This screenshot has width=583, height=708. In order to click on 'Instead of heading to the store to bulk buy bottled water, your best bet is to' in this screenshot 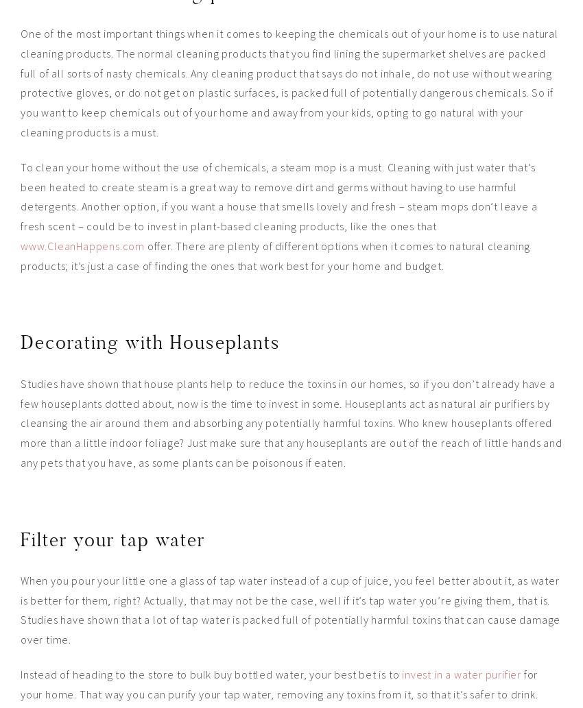, I will do `click(211, 674)`.